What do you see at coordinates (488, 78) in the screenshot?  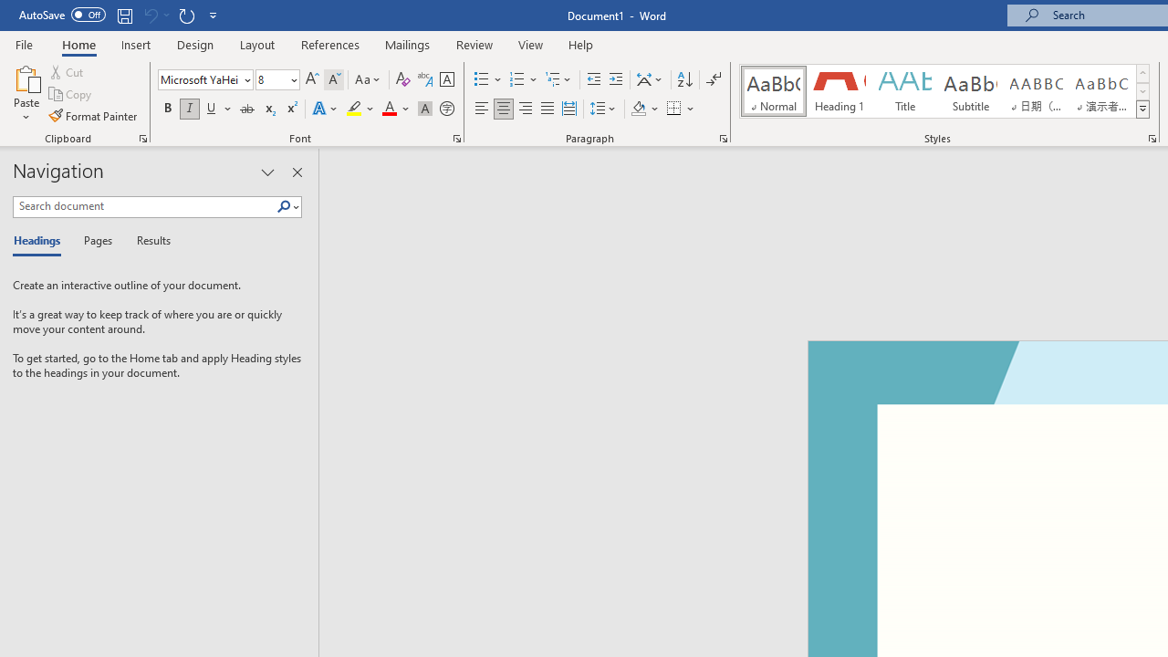 I see `'Bullets'` at bounding box center [488, 78].